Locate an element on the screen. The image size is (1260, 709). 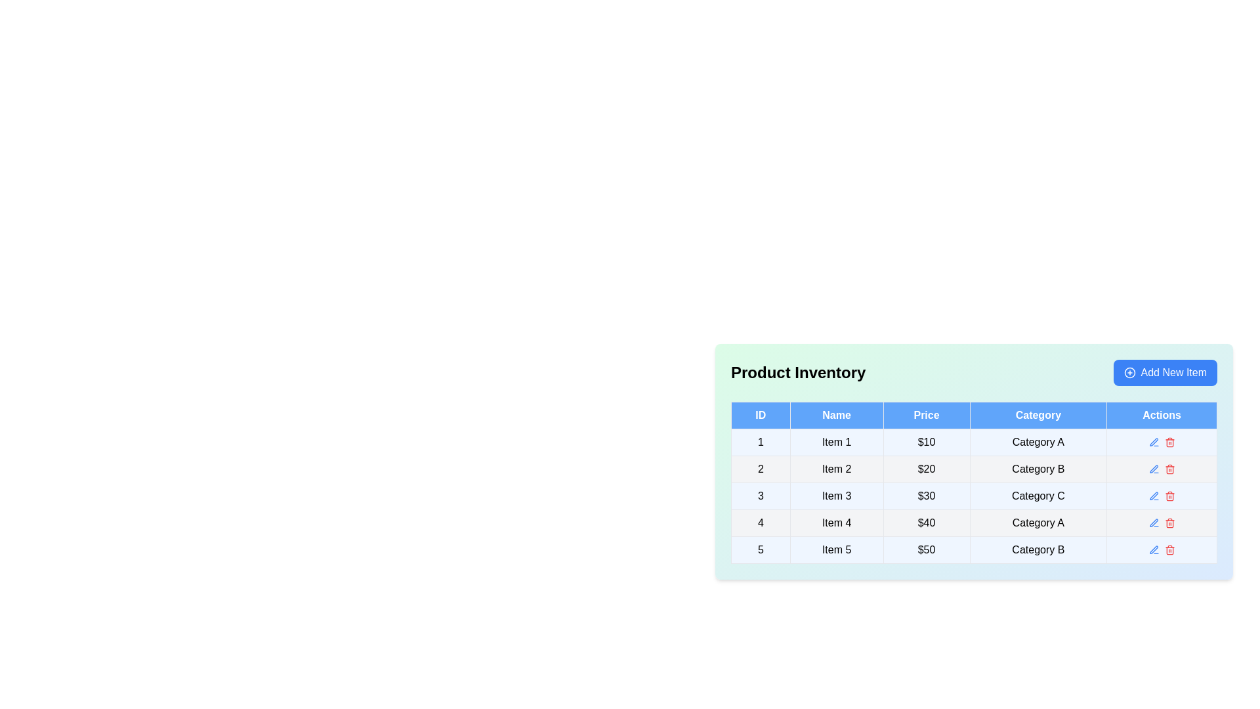
the text label displaying '$30' located in the third row of the table under the 'Price' column, between the 'Item 3' cell and the 'Category C' cell is located at coordinates (925, 496).